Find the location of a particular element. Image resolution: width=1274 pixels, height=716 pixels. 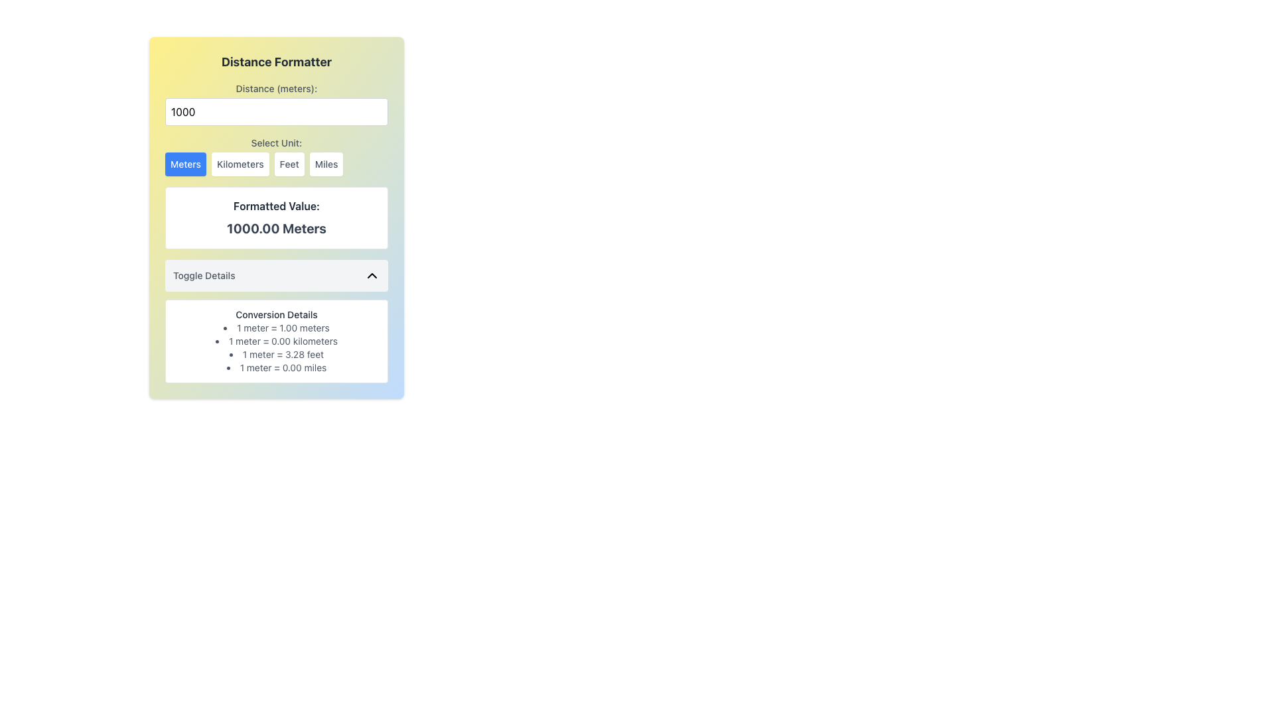

static text that states '1 meter = 0.00 miles', which is styled in a small gray font and is the fourth item in the bullet point list under 'Conversion Details' is located at coordinates (276, 368).